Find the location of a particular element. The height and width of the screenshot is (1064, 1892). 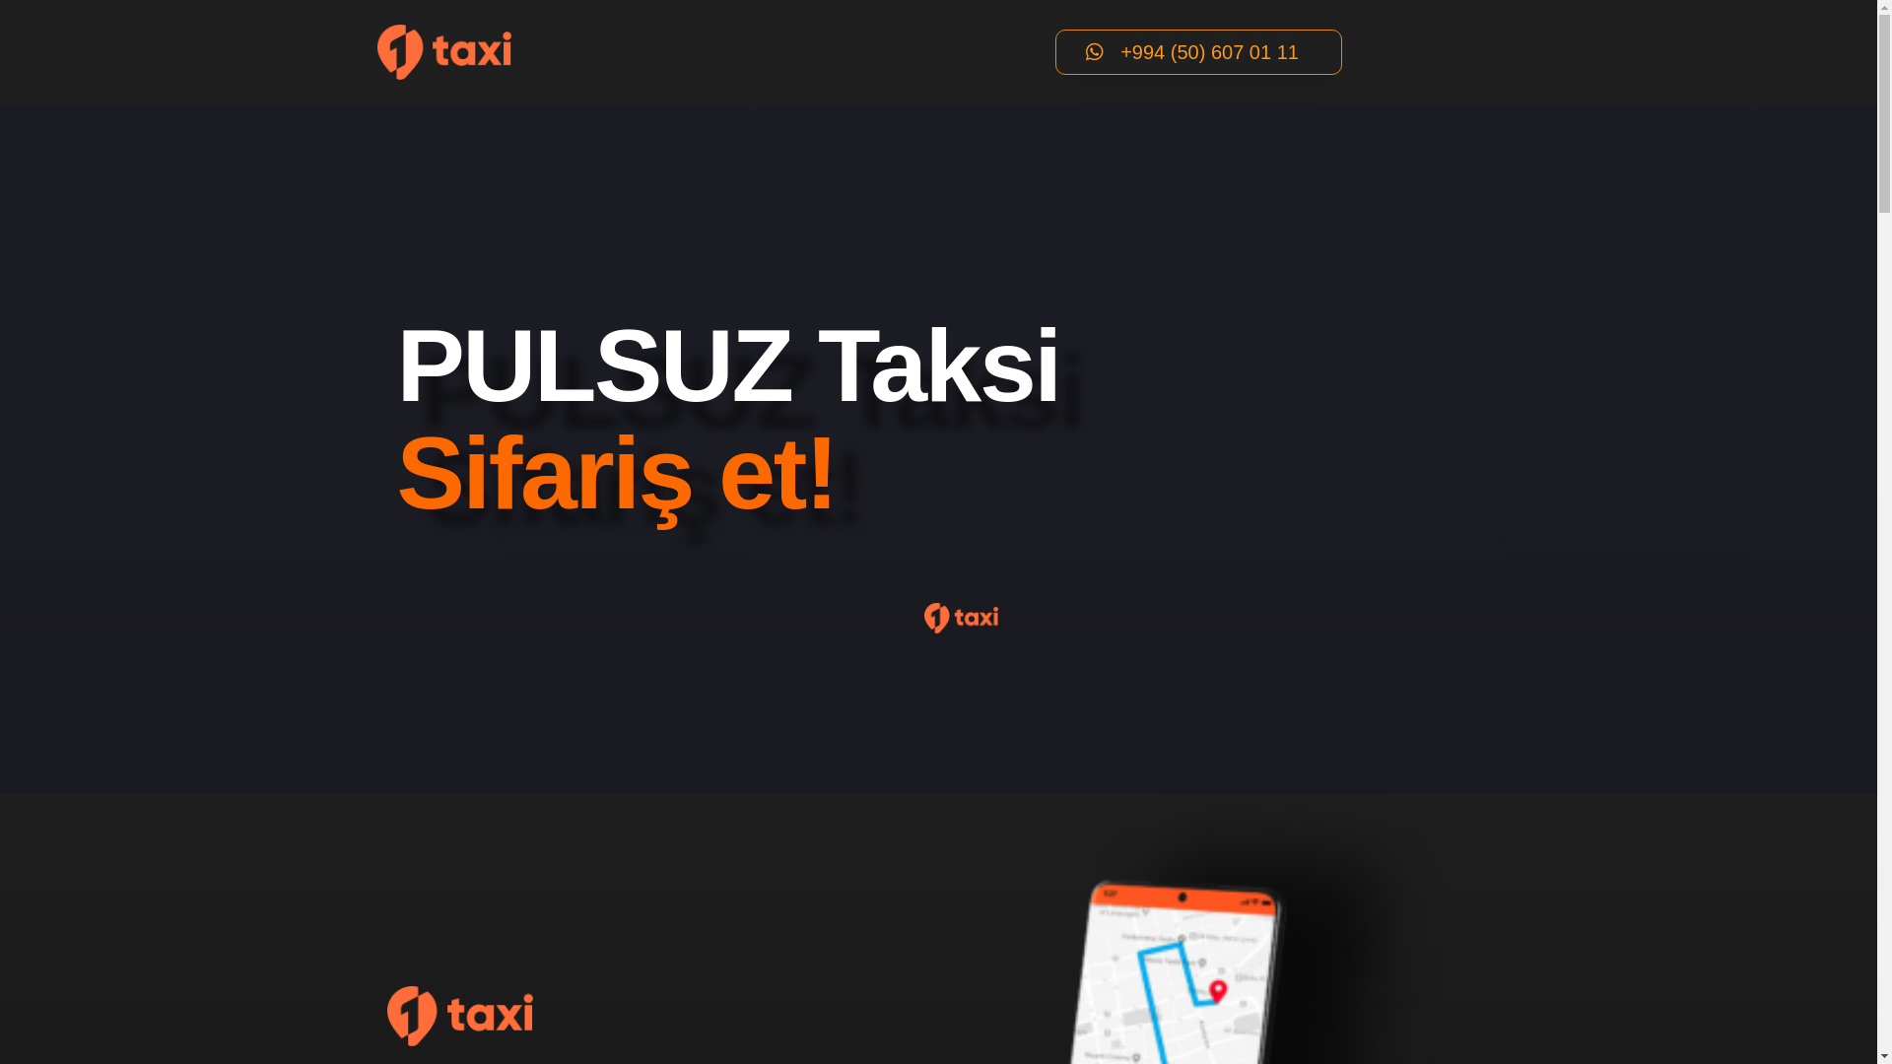

'+994 (50) 607 01 11' is located at coordinates (1196, 51).